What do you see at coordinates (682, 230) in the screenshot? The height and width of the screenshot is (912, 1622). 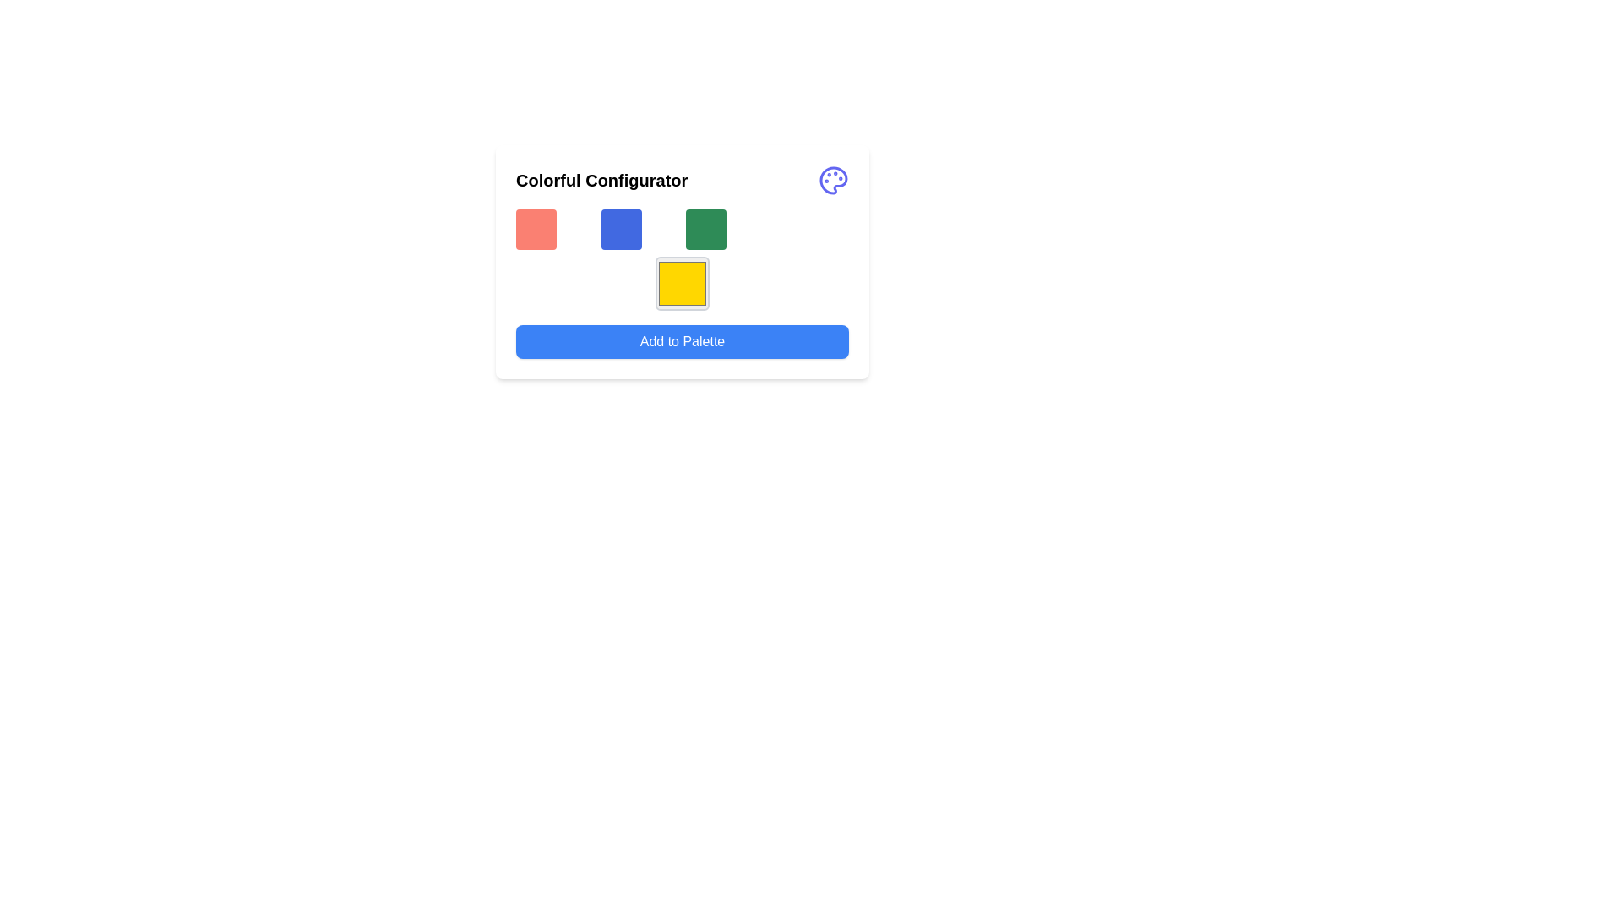 I see `the grid structure that contains four colored boxes (red, blue, green, and white) located beneath the title 'Colorful Configurator'` at bounding box center [682, 230].